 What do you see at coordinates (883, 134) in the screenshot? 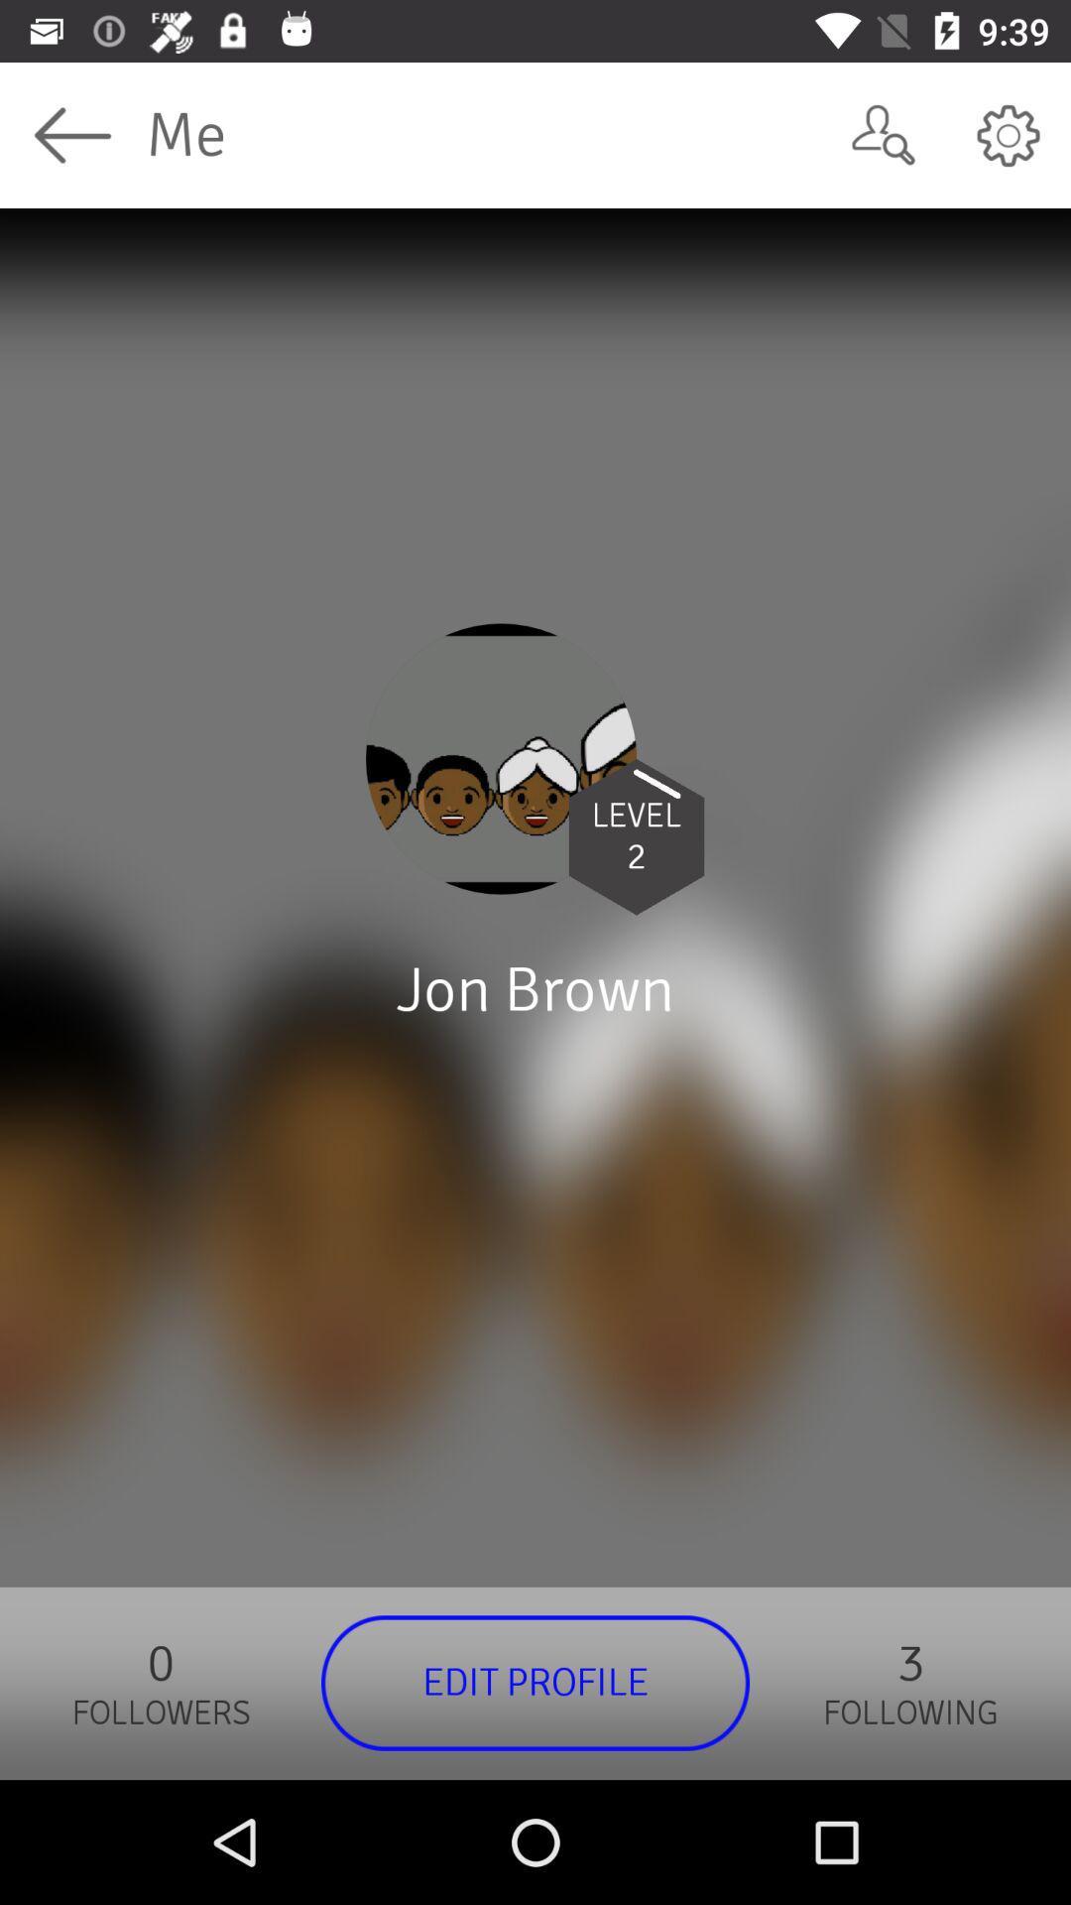
I see `the item to the right of me` at bounding box center [883, 134].